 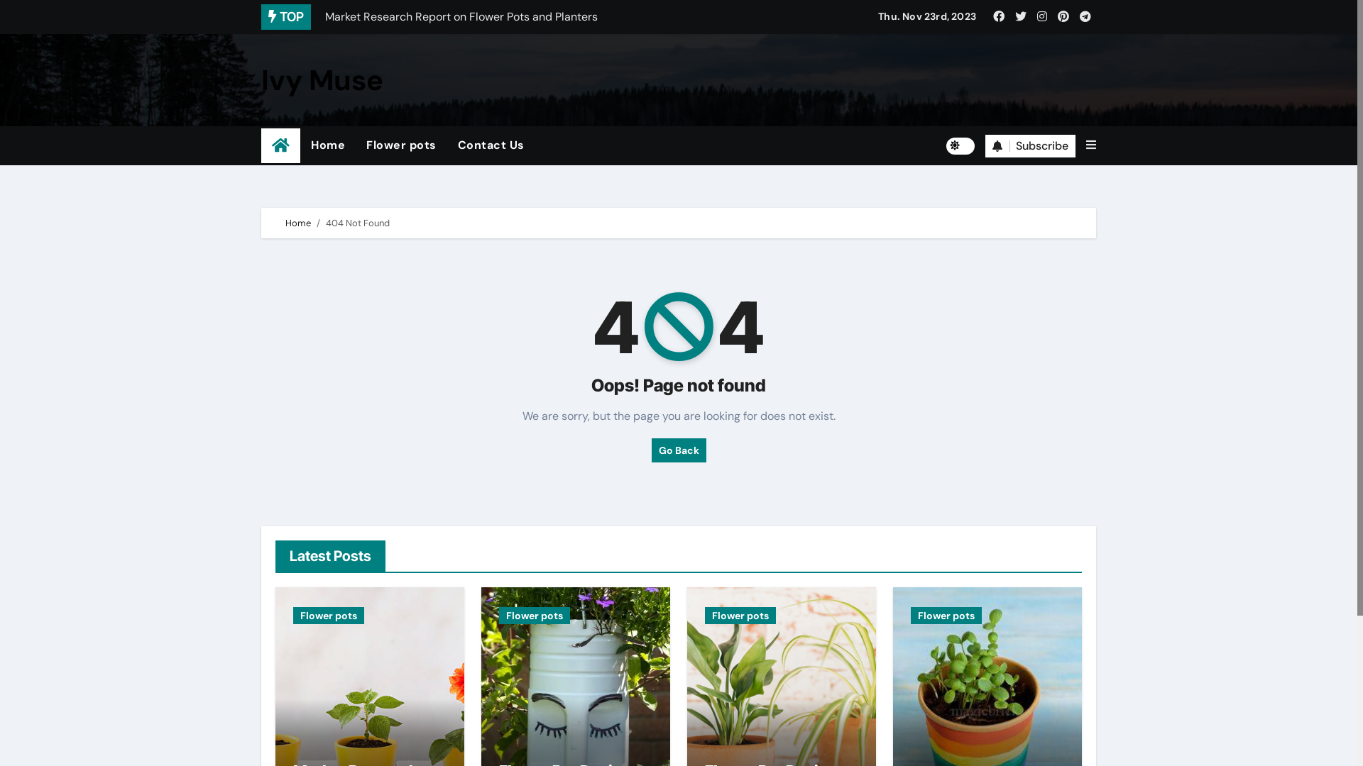 What do you see at coordinates (327, 145) in the screenshot?
I see `'Home'` at bounding box center [327, 145].